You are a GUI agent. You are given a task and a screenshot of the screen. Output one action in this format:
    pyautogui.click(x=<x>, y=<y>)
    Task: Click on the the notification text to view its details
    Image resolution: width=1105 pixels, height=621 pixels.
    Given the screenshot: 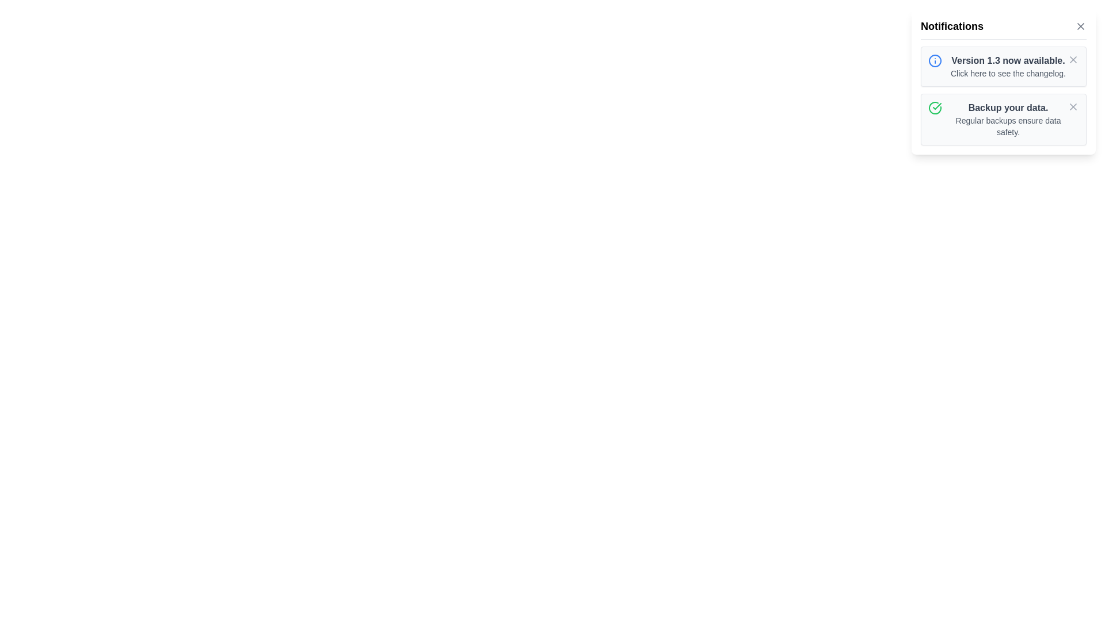 What is the action you would take?
    pyautogui.click(x=1008, y=66)
    